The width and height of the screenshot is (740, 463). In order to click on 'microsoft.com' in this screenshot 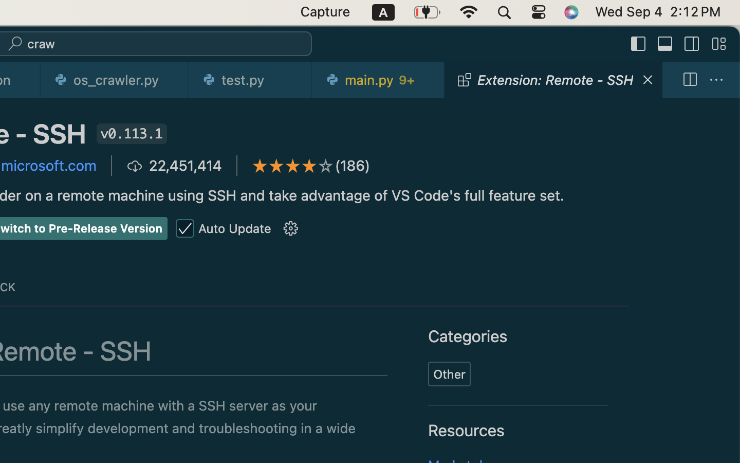, I will do `click(49, 165)`.